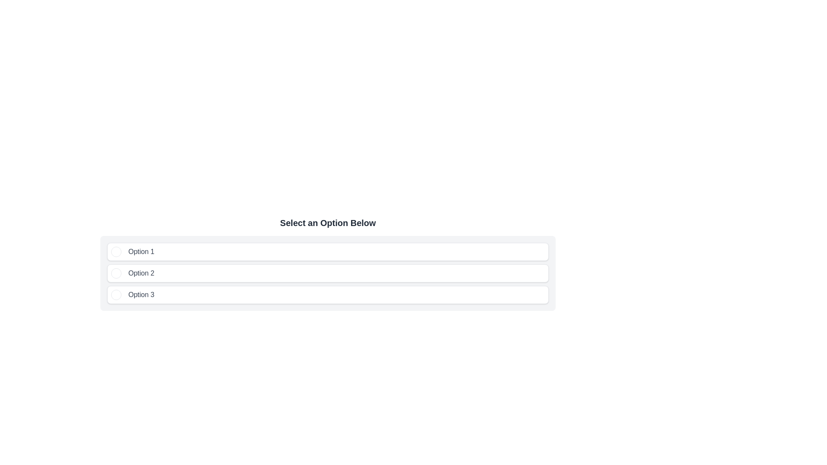 The height and width of the screenshot is (465, 827). I want to click on the Text label displaying 'Option 2', so click(141, 273).